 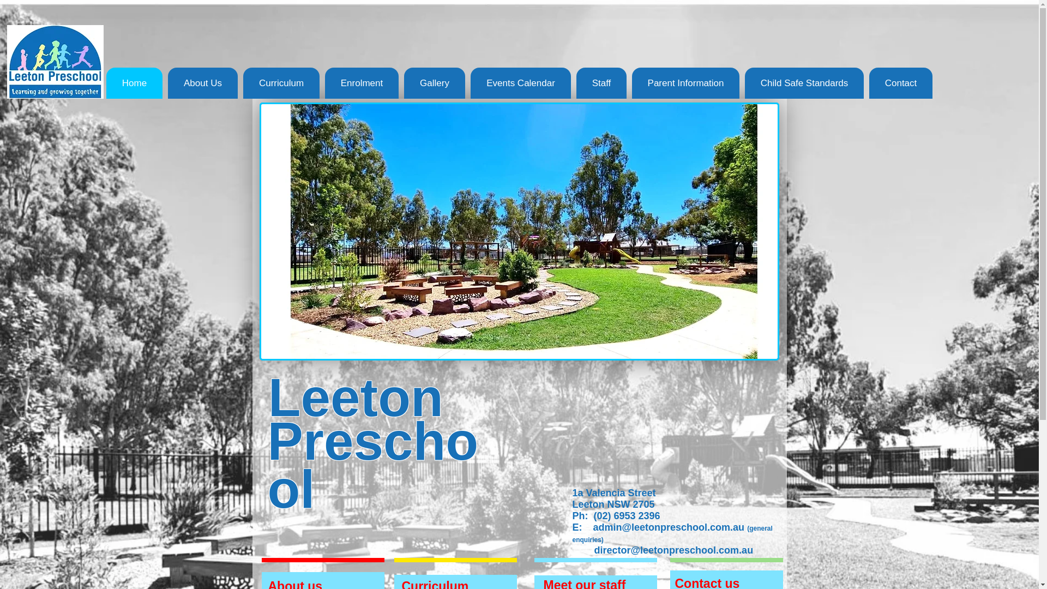 What do you see at coordinates (520, 82) in the screenshot?
I see `'Events Calendar'` at bounding box center [520, 82].